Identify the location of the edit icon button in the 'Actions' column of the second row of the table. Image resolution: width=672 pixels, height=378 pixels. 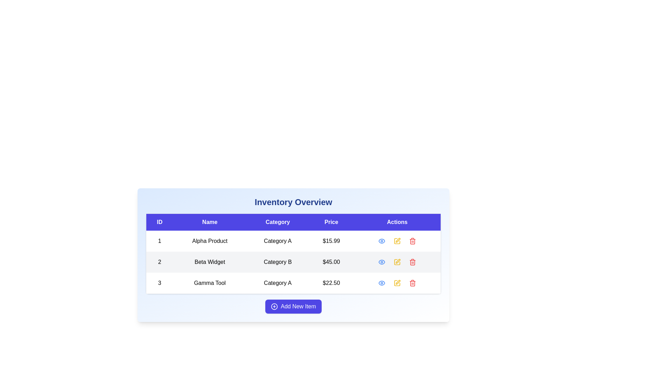
(397, 241).